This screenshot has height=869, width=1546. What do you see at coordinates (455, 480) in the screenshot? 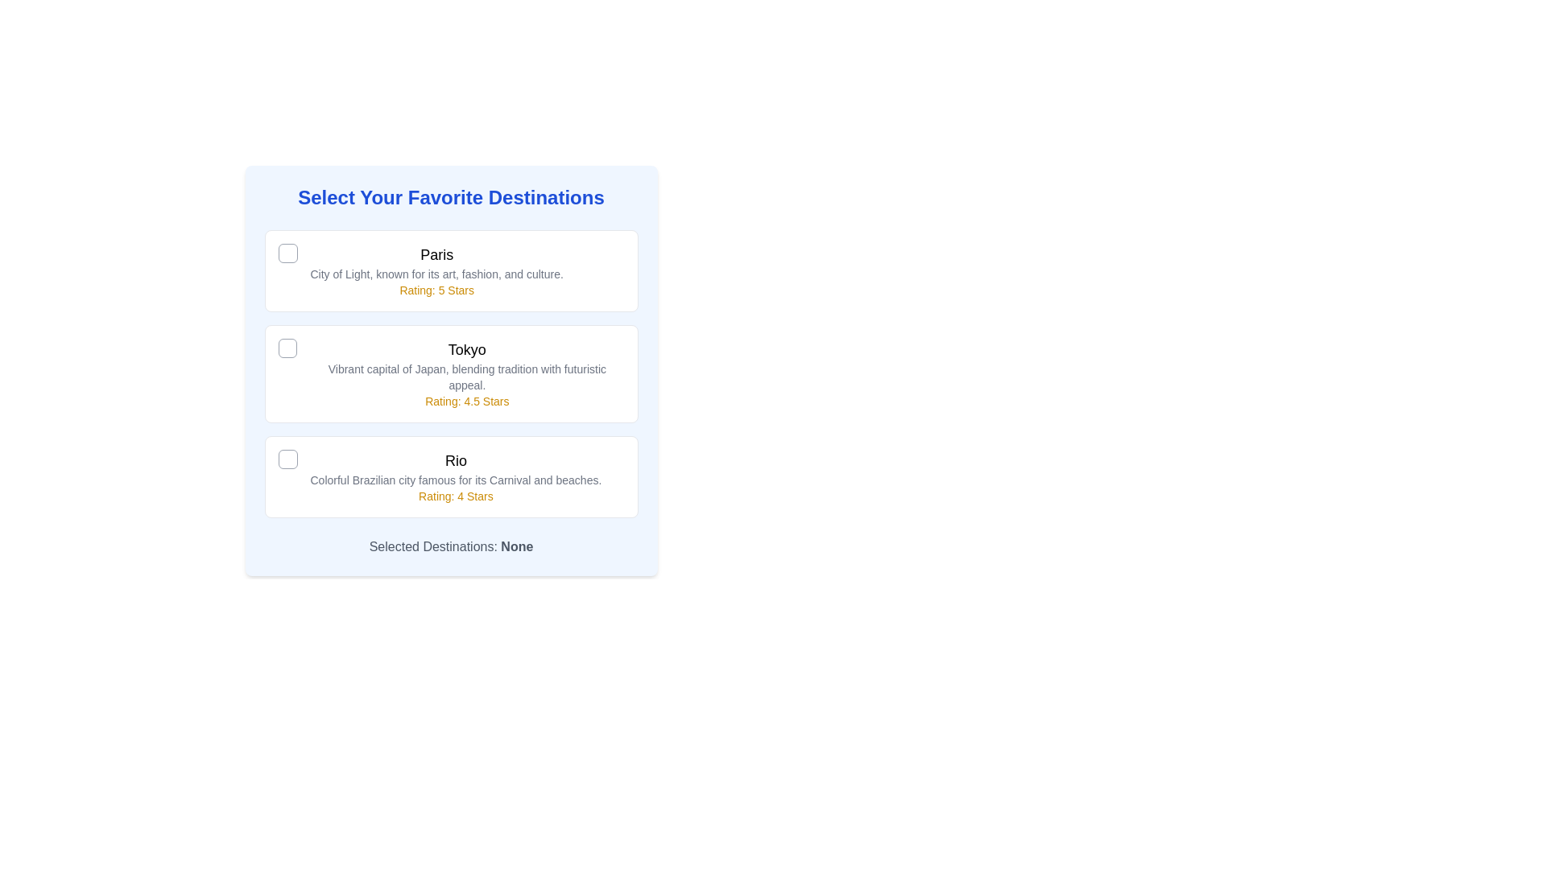
I see `the static text block containing the phrase 'Colorful Brazilian city famous for its Carnival and beaches.', which is styled with smaller-sized muted gray text and is positioned beneath the 'Rio' label` at bounding box center [455, 480].